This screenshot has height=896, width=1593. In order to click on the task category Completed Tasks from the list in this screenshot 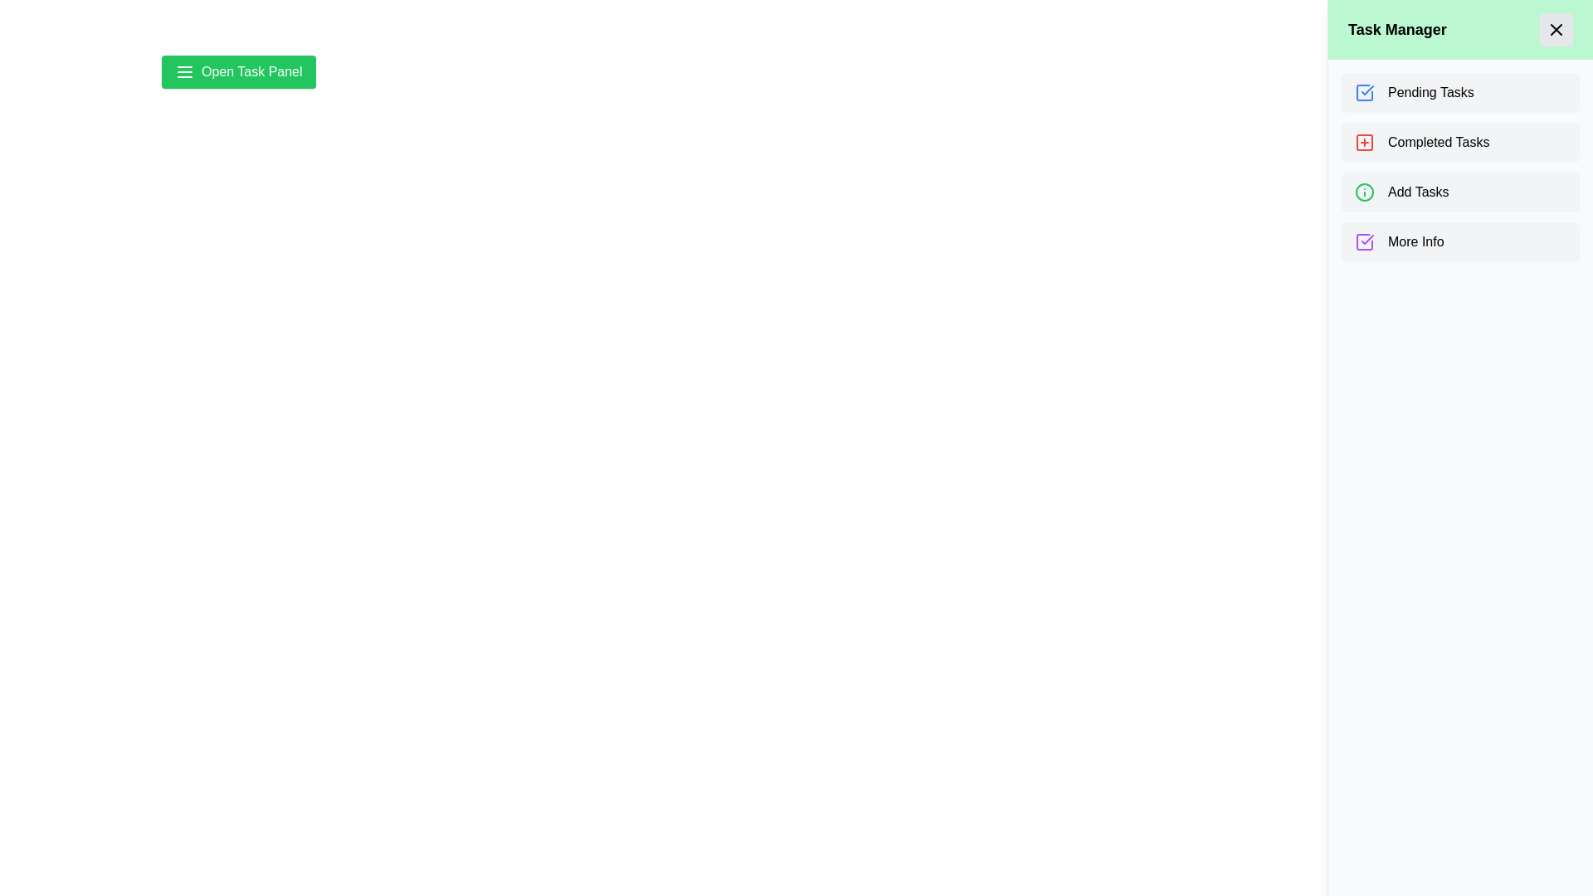, I will do `click(1460, 142)`.